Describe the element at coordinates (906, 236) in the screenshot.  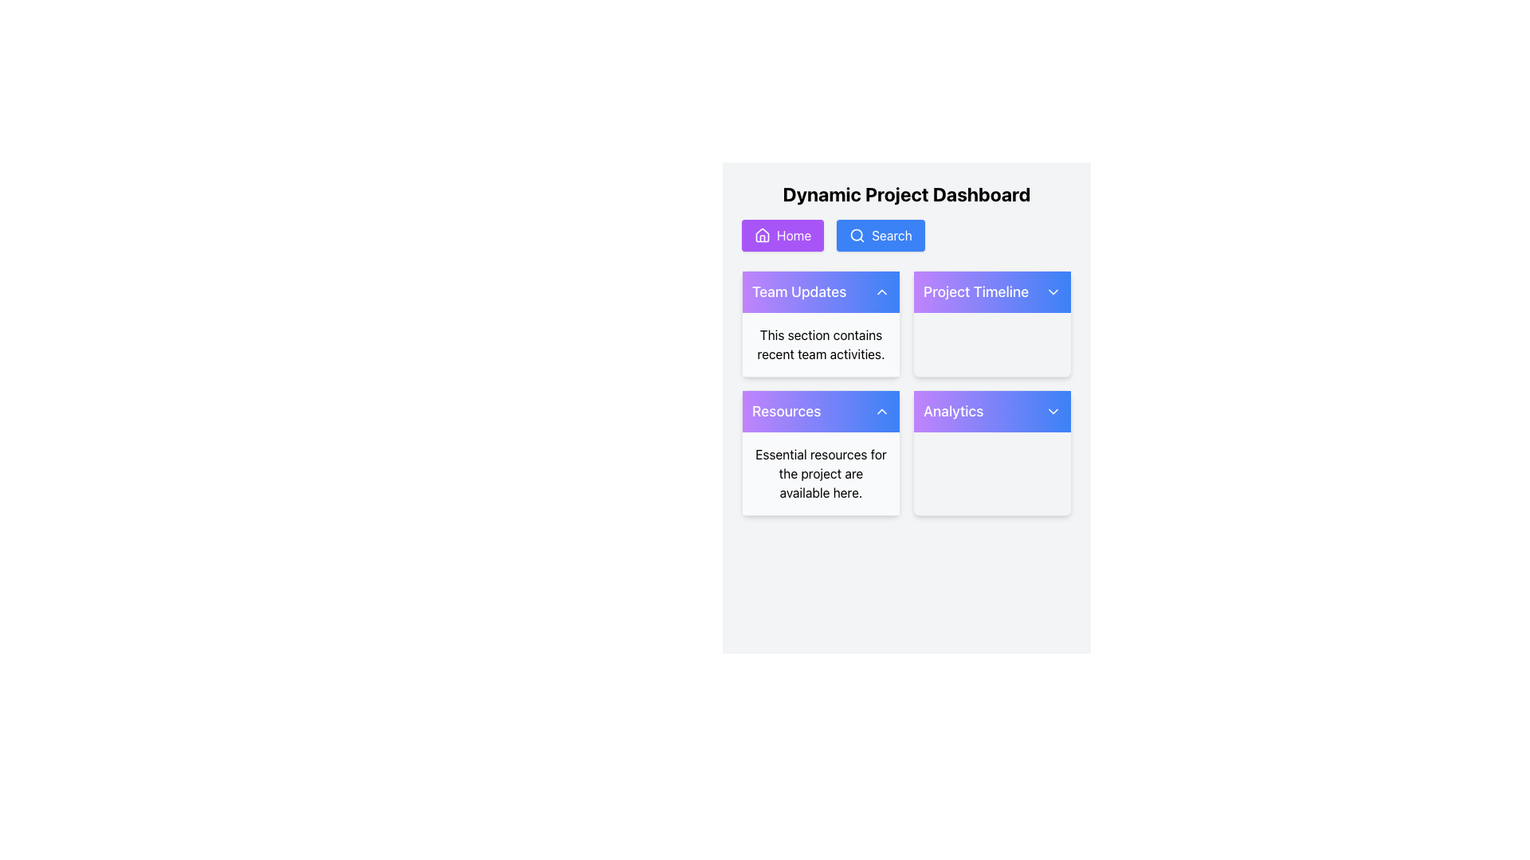
I see `the 'Search' button in the Navigational Button Group located beneath the 'Dynamic Project Dashboard' header` at that location.